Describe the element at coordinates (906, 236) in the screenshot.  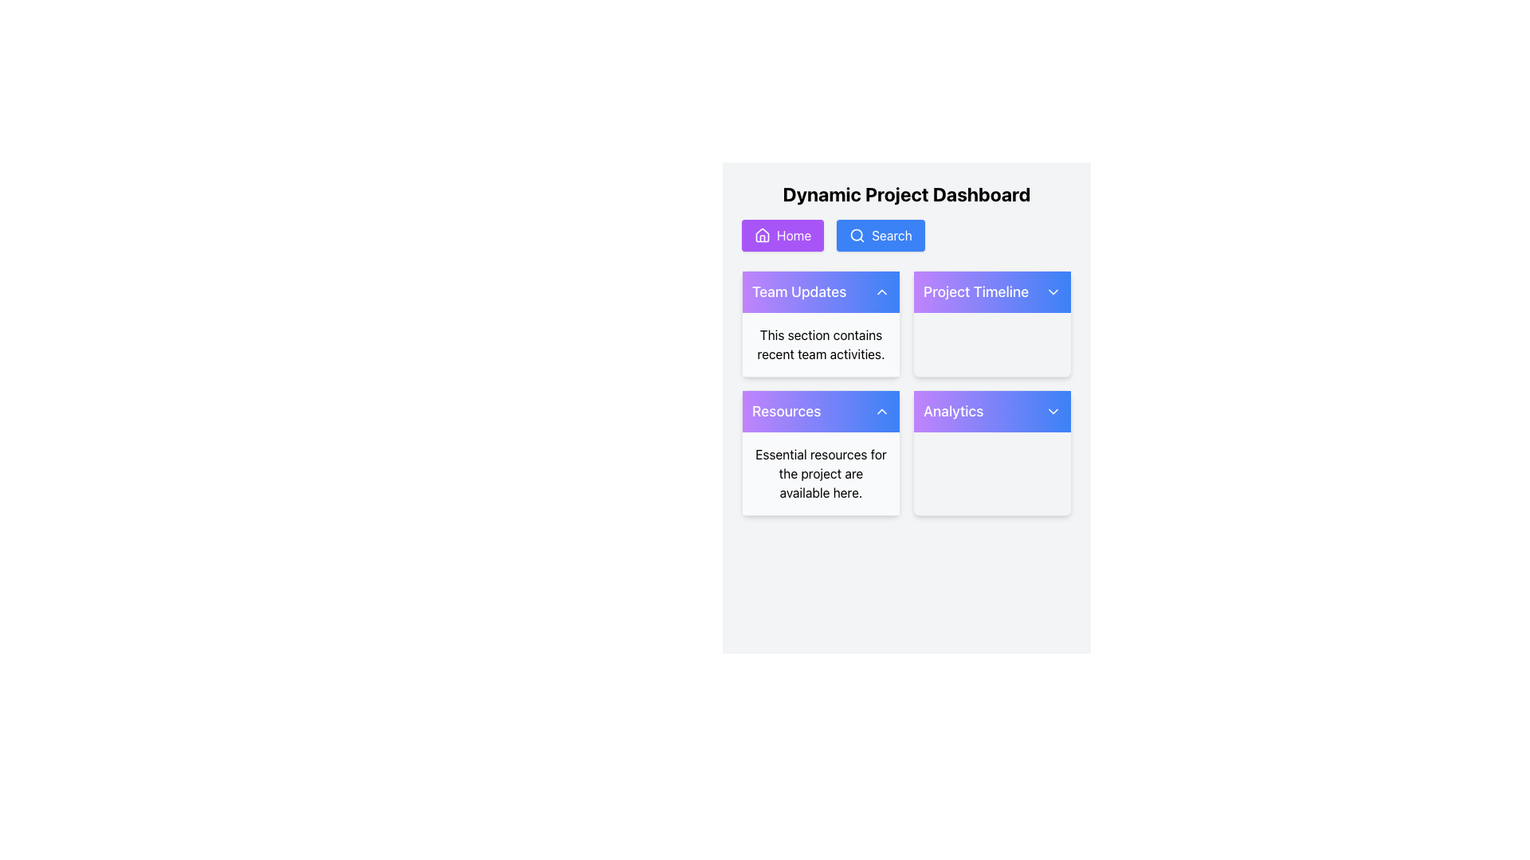
I see `the 'Search' button in the Navigational Button Group located beneath the 'Dynamic Project Dashboard' header` at that location.